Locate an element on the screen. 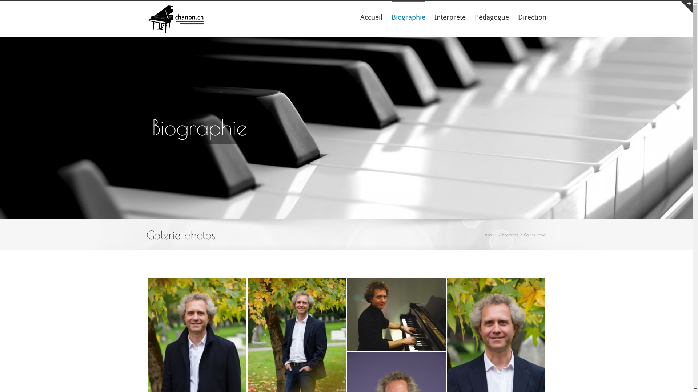 The width and height of the screenshot is (698, 392). 'Biographie' is located at coordinates (510, 234).